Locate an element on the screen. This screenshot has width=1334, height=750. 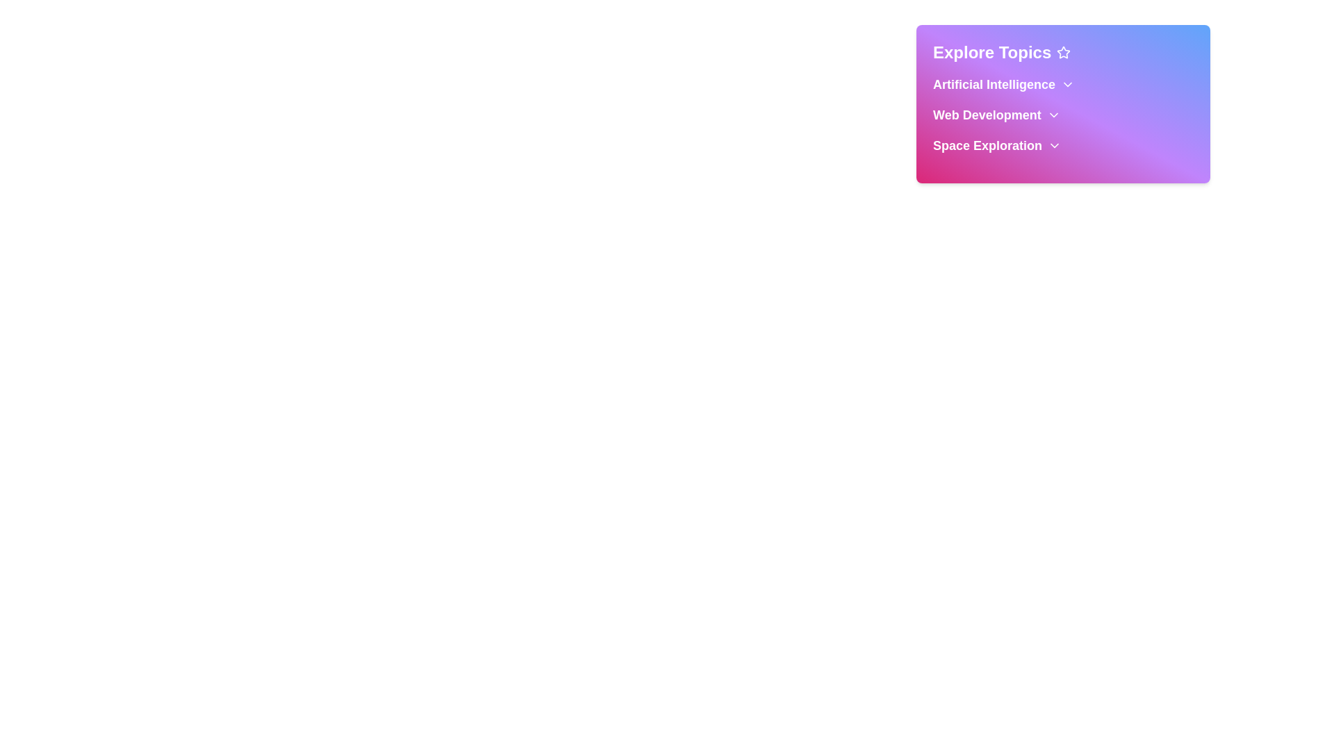
the downward chevron icon located to the right of the 'Space Exploration' text is located at coordinates (1055, 145).